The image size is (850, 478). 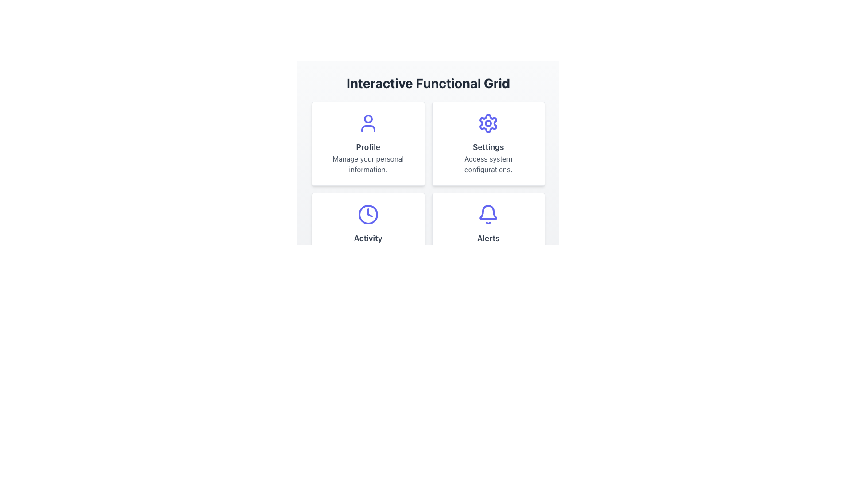 What do you see at coordinates (368, 123) in the screenshot?
I see `the user profile icon located at the top-center of the 'Profile' box, which is associated with managing personal data` at bounding box center [368, 123].